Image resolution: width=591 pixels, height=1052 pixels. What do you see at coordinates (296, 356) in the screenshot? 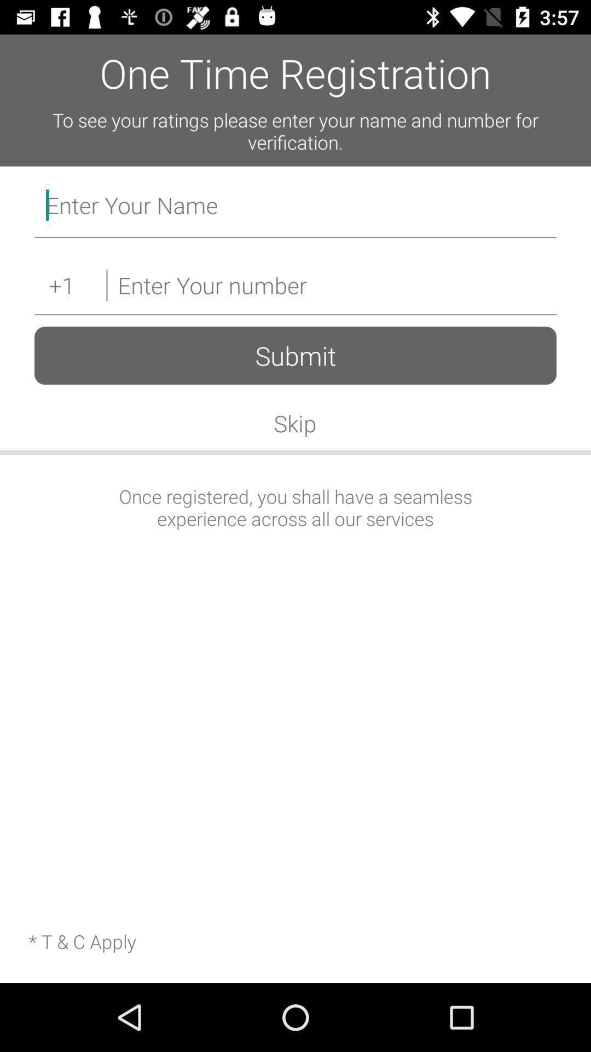
I see `the item above the skip` at bounding box center [296, 356].